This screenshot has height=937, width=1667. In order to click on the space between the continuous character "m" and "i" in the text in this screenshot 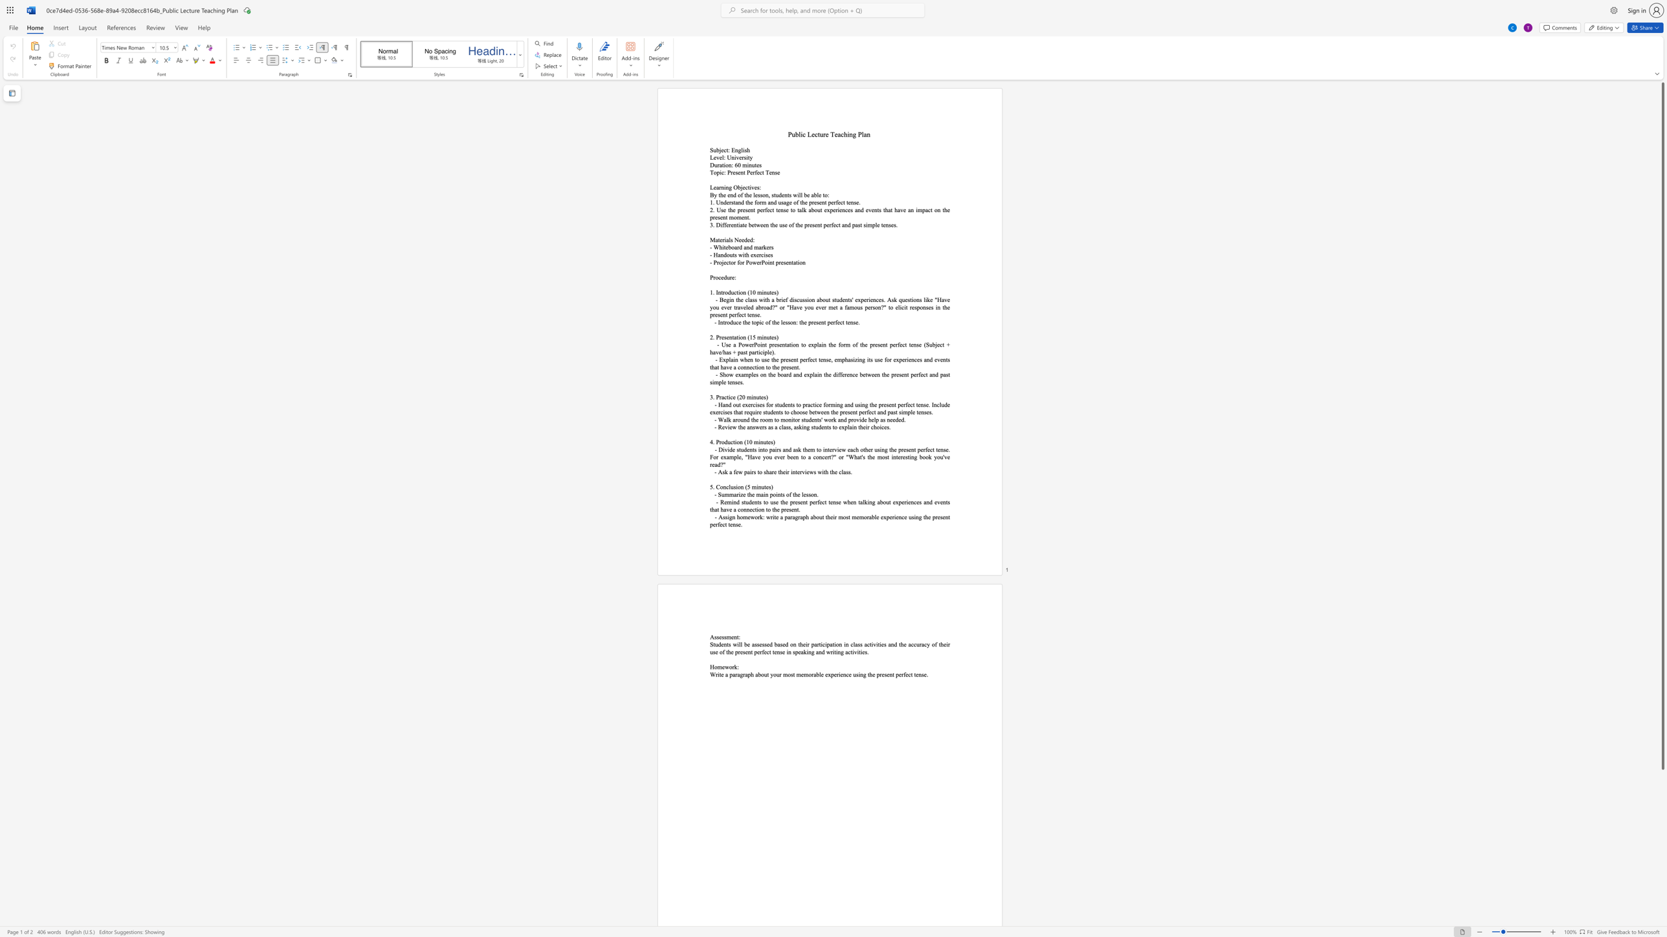, I will do `click(760, 336)`.